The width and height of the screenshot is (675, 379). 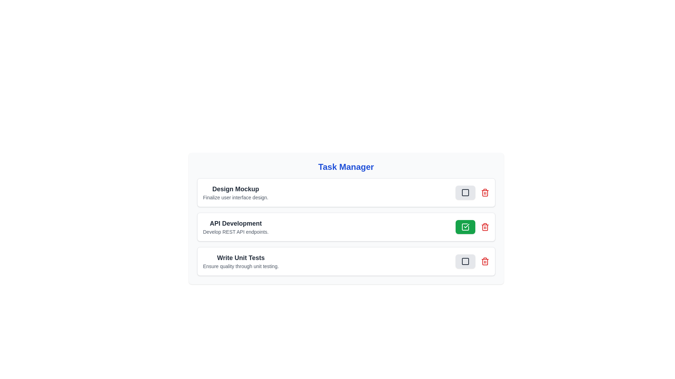 What do you see at coordinates (465, 261) in the screenshot?
I see `the decorative part of the checkbox-like UI component located at the lower-right corner of the 'Write Unit Tests' task in the 'Task Manager' interface` at bounding box center [465, 261].